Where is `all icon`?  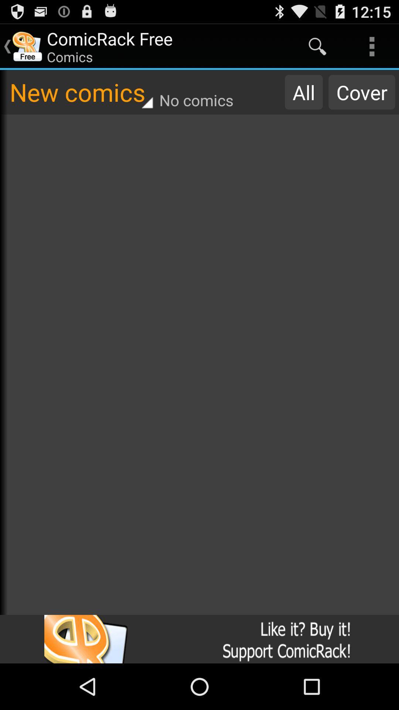 all icon is located at coordinates (304, 92).